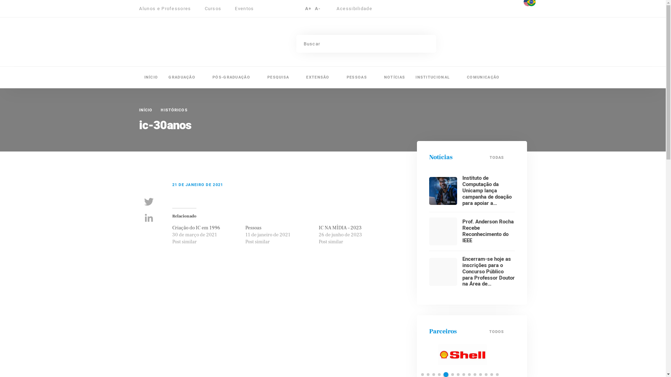 This screenshot has height=377, width=671. Describe the element at coordinates (168, 8) in the screenshot. I see `'Alunos e Professores'` at that location.